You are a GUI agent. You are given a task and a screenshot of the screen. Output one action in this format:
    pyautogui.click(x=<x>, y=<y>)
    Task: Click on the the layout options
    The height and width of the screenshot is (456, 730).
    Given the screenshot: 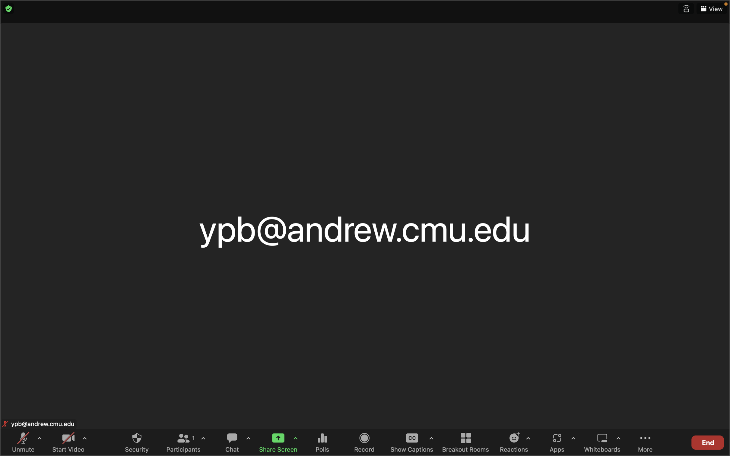 What is the action you would take?
    pyautogui.click(x=711, y=9)
    